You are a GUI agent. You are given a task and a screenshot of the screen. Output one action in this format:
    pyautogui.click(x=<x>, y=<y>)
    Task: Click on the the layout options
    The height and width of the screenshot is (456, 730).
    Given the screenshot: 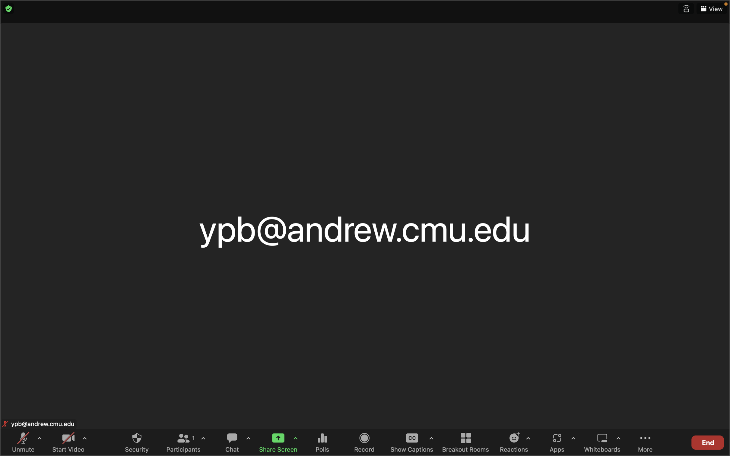 What is the action you would take?
    pyautogui.click(x=711, y=9)
    